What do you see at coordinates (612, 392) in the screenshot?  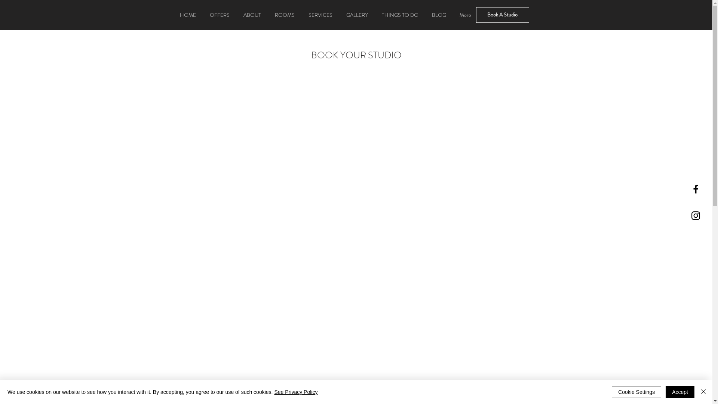 I see `'Cookie Settings'` at bounding box center [612, 392].